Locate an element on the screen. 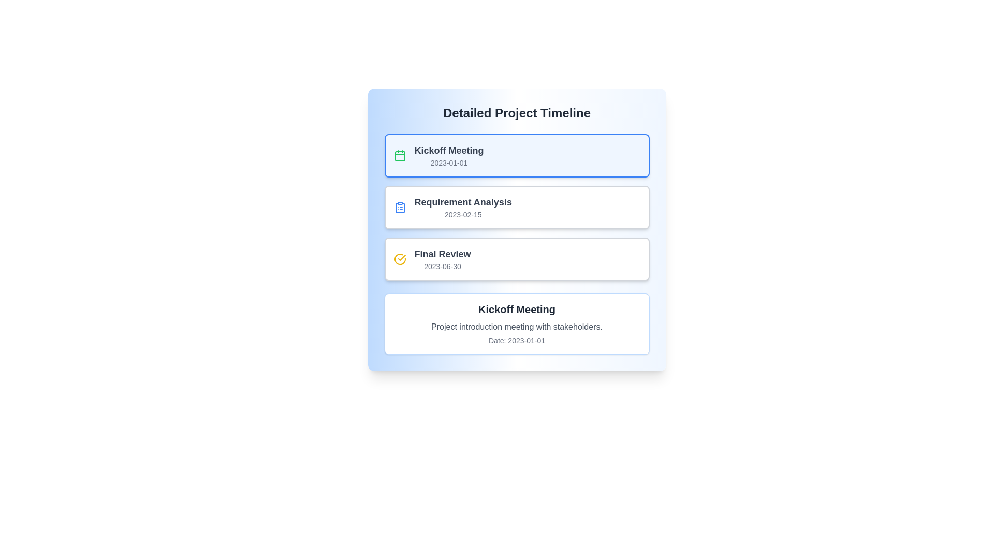 The height and width of the screenshot is (559, 994). the rectangular SVG graphical element that represents part of a calendar icon, indicating a date or event is located at coordinates (399, 156).